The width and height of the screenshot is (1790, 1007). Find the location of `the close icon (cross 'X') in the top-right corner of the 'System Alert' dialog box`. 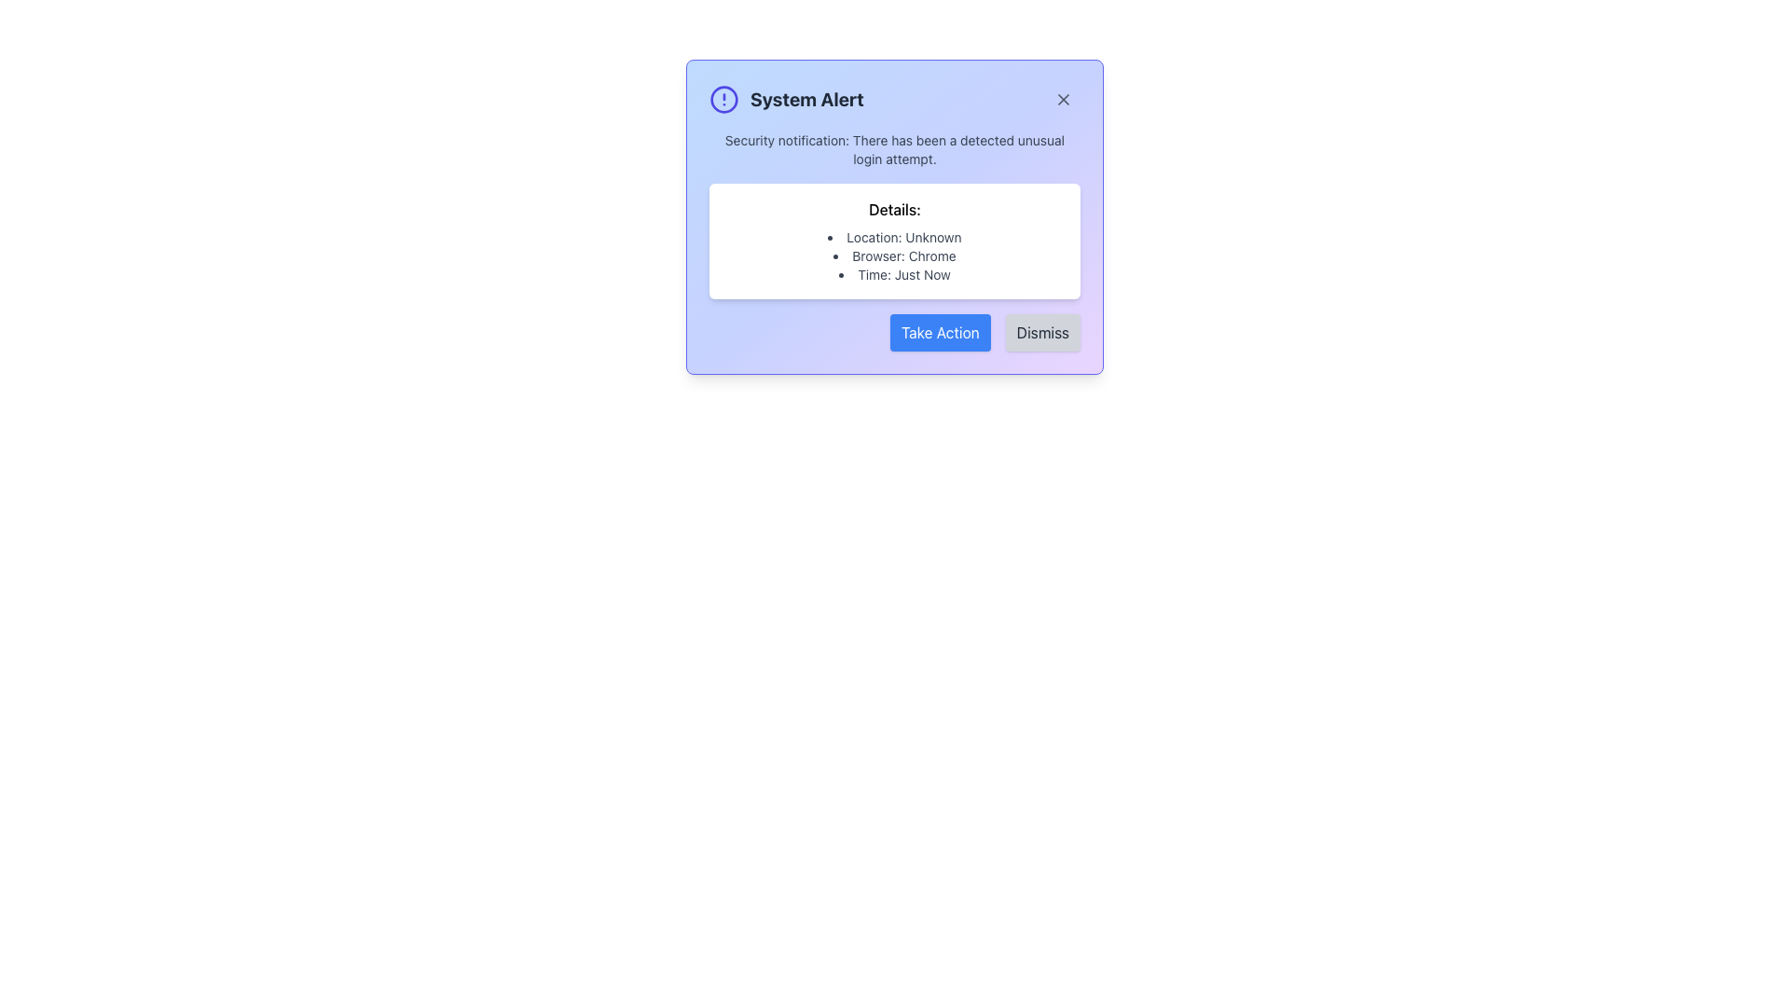

the close icon (cross 'X') in the top-right corner of the 'System Alert' dialog box is located at coordinates (1064, 100).